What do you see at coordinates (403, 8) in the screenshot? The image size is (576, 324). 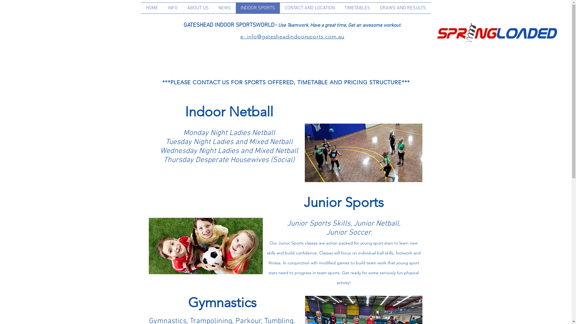 I see `'DRAWS AND RESULTS'` at bounding box center [403, 8].